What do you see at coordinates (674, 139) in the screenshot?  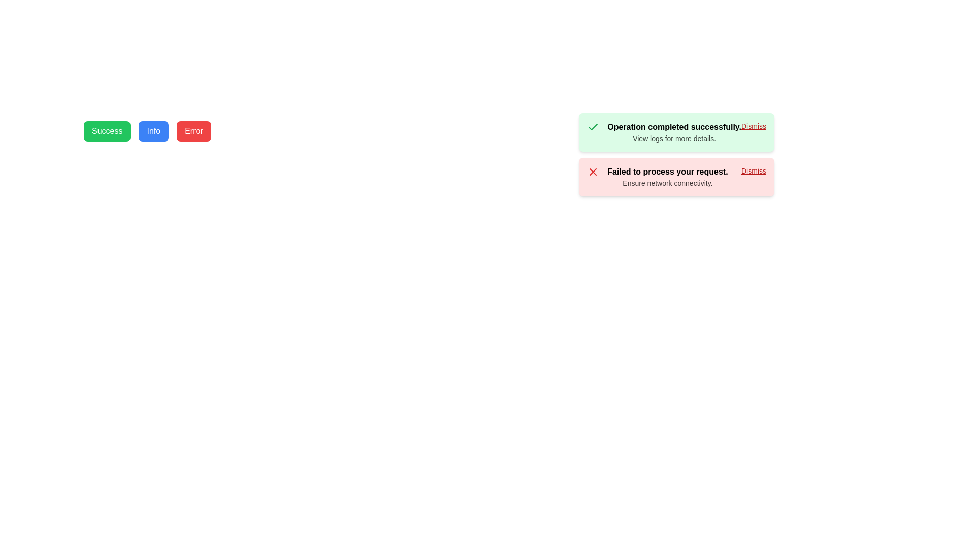 I see `the text label displaying 'View logs for more details.' which is located below the success message in a green notification box` at bounding box center [674, 139].